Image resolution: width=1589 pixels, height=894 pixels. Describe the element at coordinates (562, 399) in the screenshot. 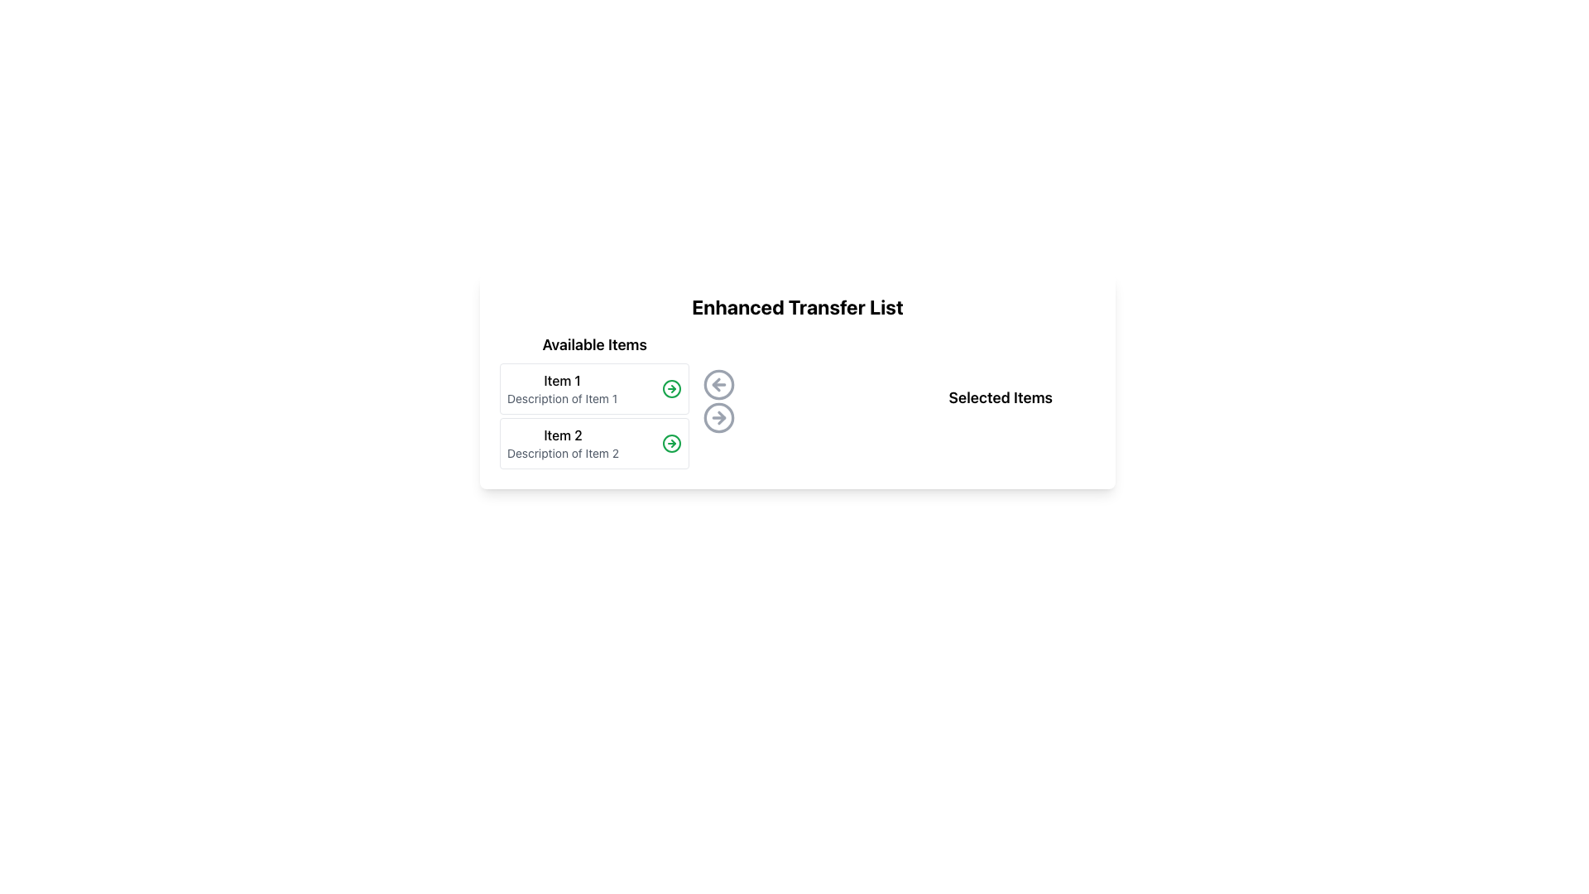

I see `the text label displaying 'Description of Item 1', which is located directly beneath the bold 'Item 1' text in the 'Available Items' list` at that location.